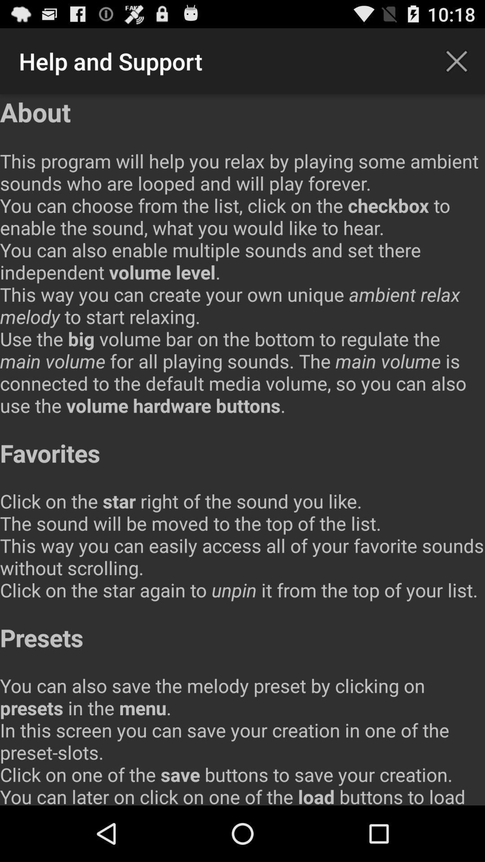 The width and height of the screenshot is (485, 862). Describe the element at coordinates (457, 61) in the screenshot. I see `icon above the about this program app` at that location.